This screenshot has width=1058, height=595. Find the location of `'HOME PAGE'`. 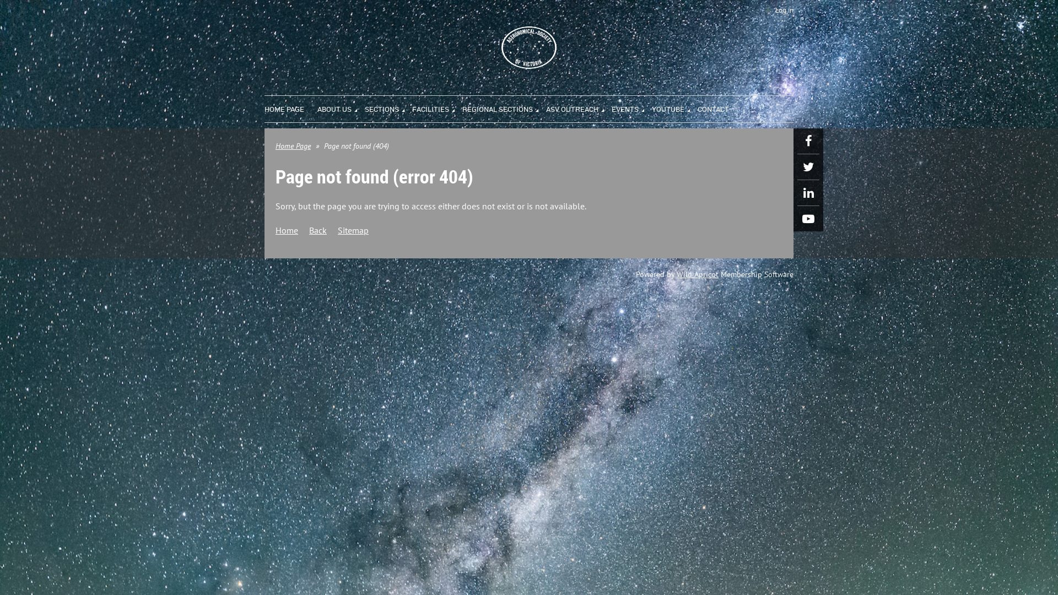

'HOME PAGE' is located at coordinates (291, 107).